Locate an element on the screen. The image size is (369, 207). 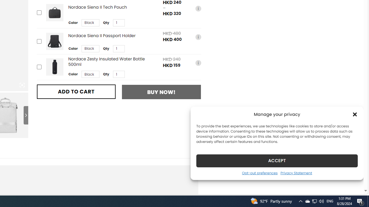
'Privacy Statement' is located at coordinates (296, 172).